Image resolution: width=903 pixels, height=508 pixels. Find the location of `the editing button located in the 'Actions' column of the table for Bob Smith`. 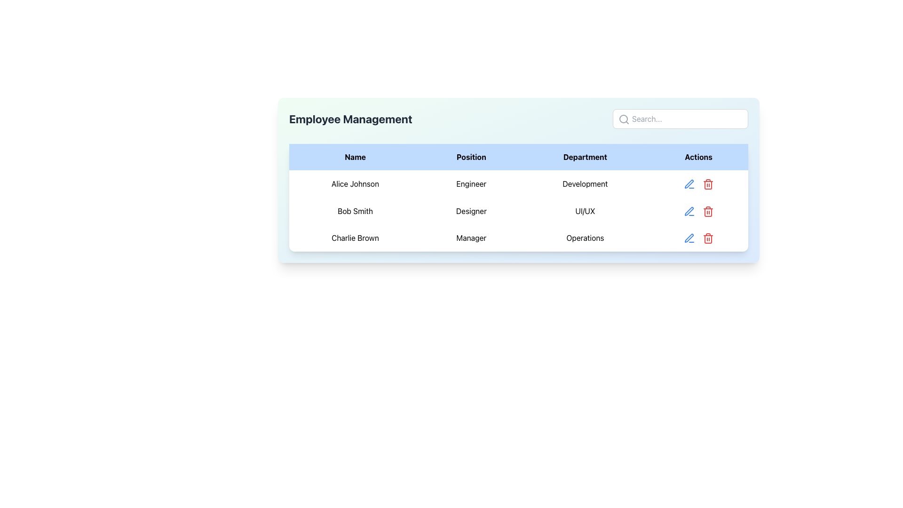

the editing button located in the 'Actions' column of the table for Bob Smith is located at coordinates (689, 211).